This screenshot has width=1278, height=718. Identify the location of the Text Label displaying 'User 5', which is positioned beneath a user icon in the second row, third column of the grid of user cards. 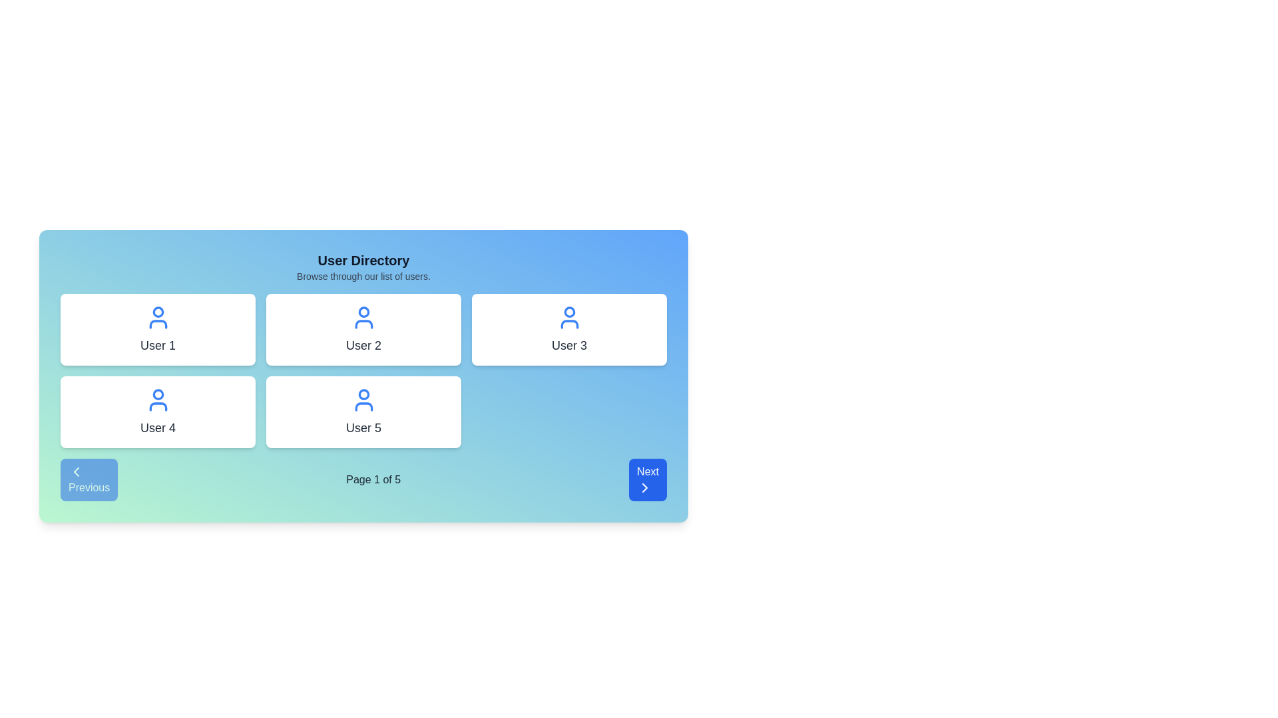
(363, 428).